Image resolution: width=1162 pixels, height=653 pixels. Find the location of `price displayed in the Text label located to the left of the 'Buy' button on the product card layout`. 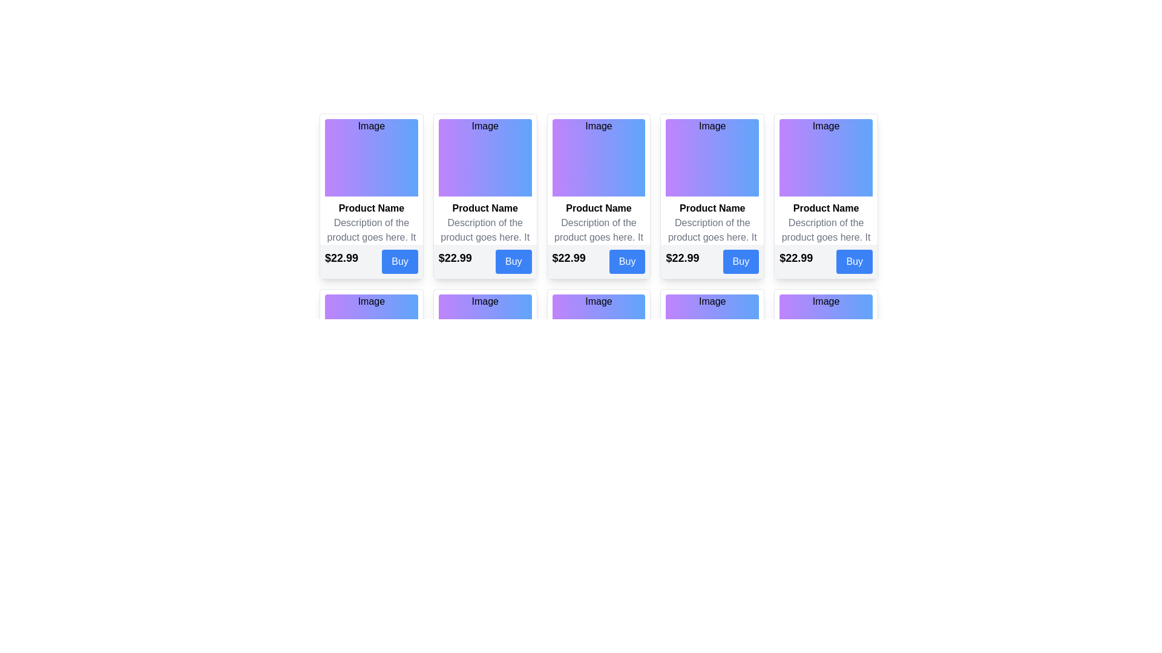

price displayed in the Text label located to the left of the 'Buy' button on the product card layout is located at coordinates (568, 261).